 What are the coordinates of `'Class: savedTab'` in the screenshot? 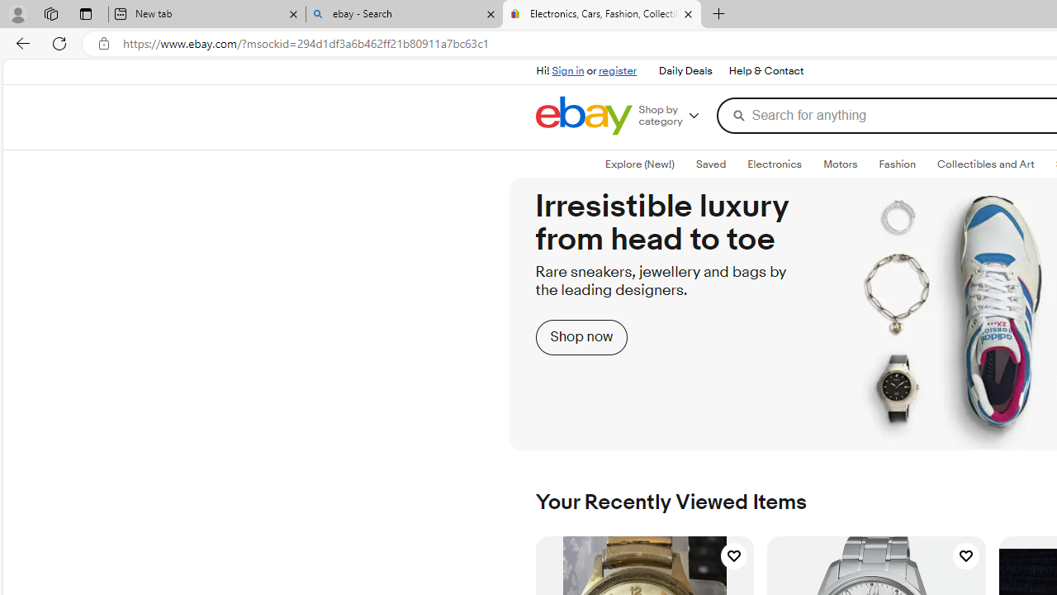 It's located at (711, 164).